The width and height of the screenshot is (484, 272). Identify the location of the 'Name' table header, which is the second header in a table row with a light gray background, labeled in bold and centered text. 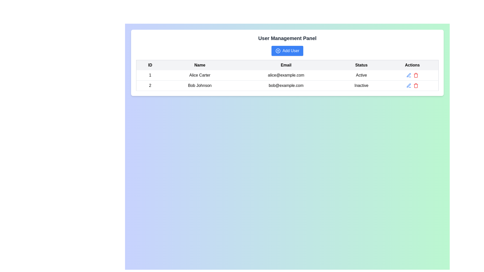
(199, 65).